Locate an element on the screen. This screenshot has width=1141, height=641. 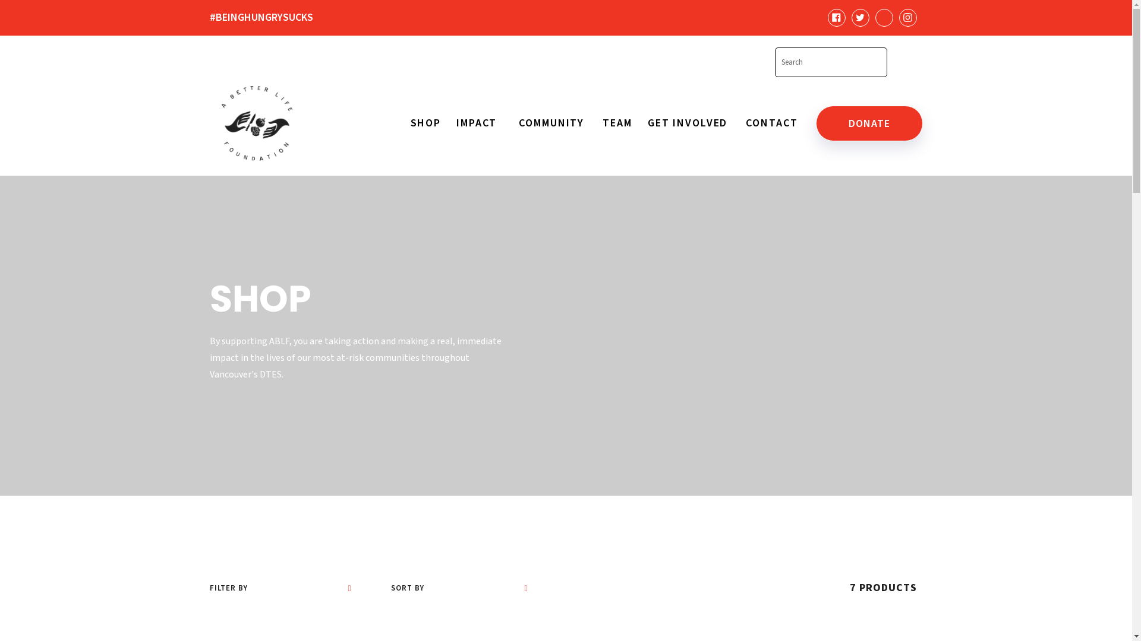
'IMPACT' is located at coordinates (452, 123).